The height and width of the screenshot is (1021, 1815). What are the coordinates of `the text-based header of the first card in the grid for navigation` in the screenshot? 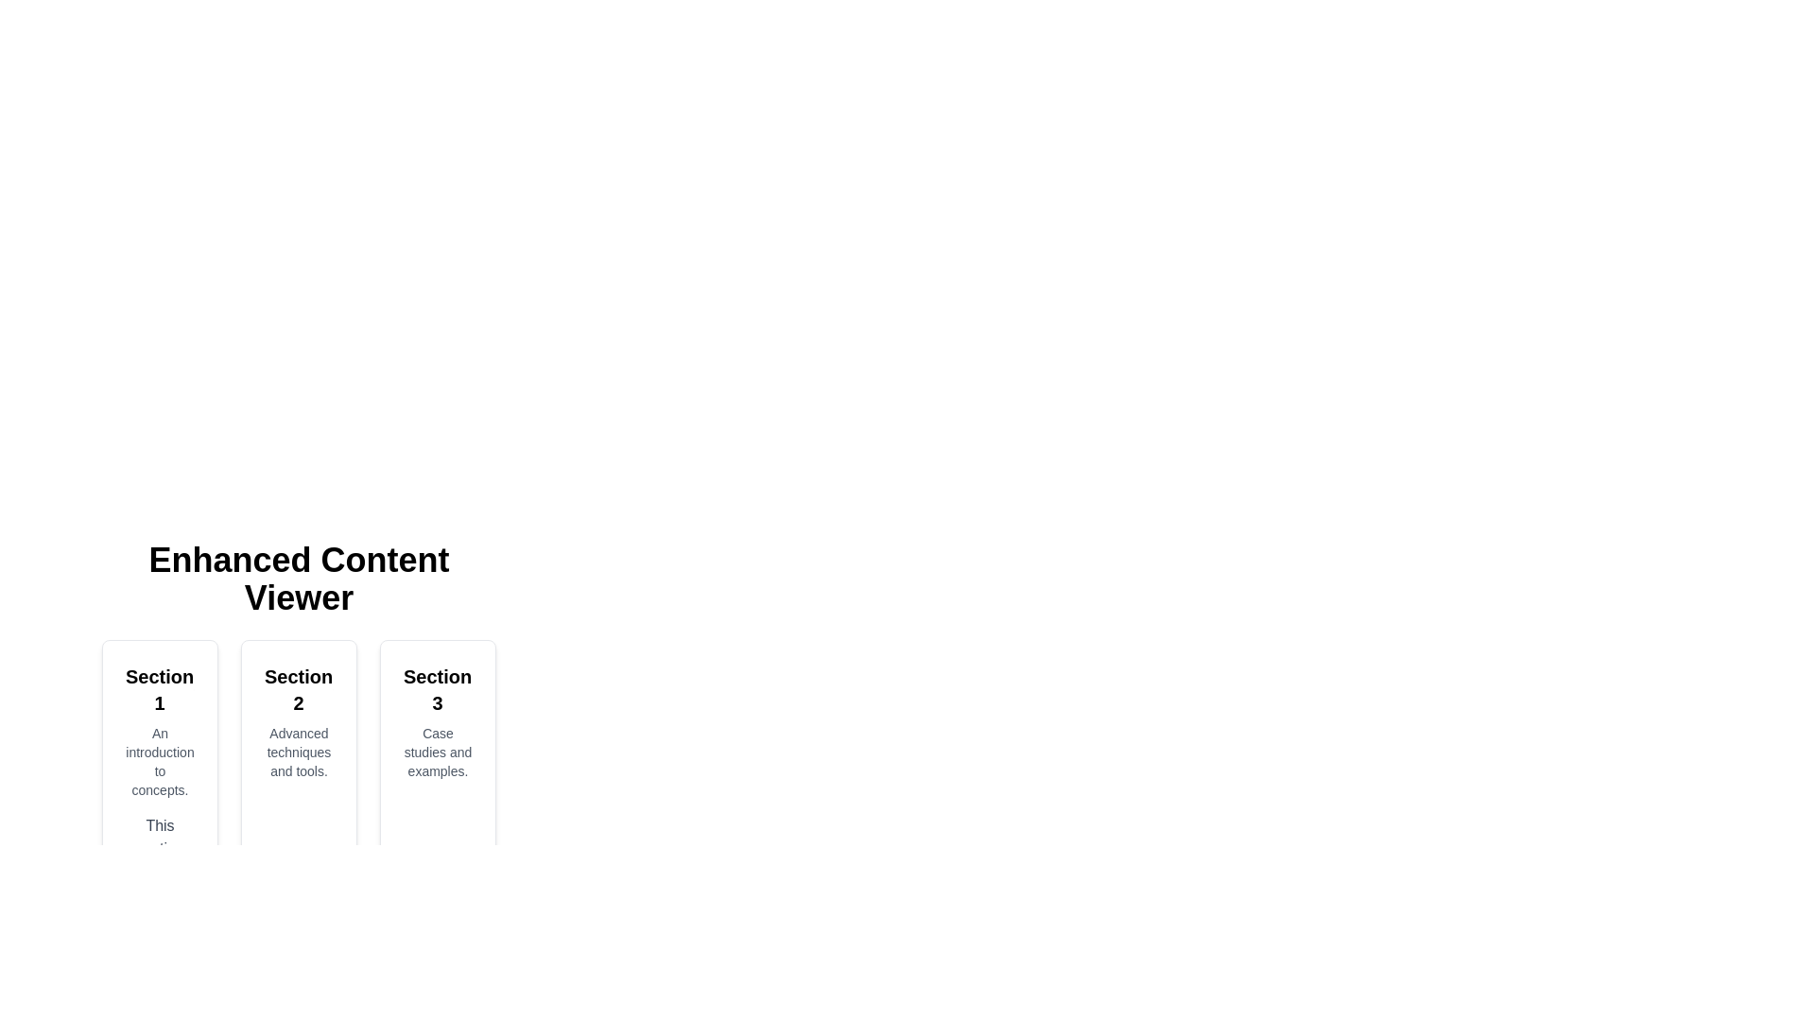 It's located at (160, 689).